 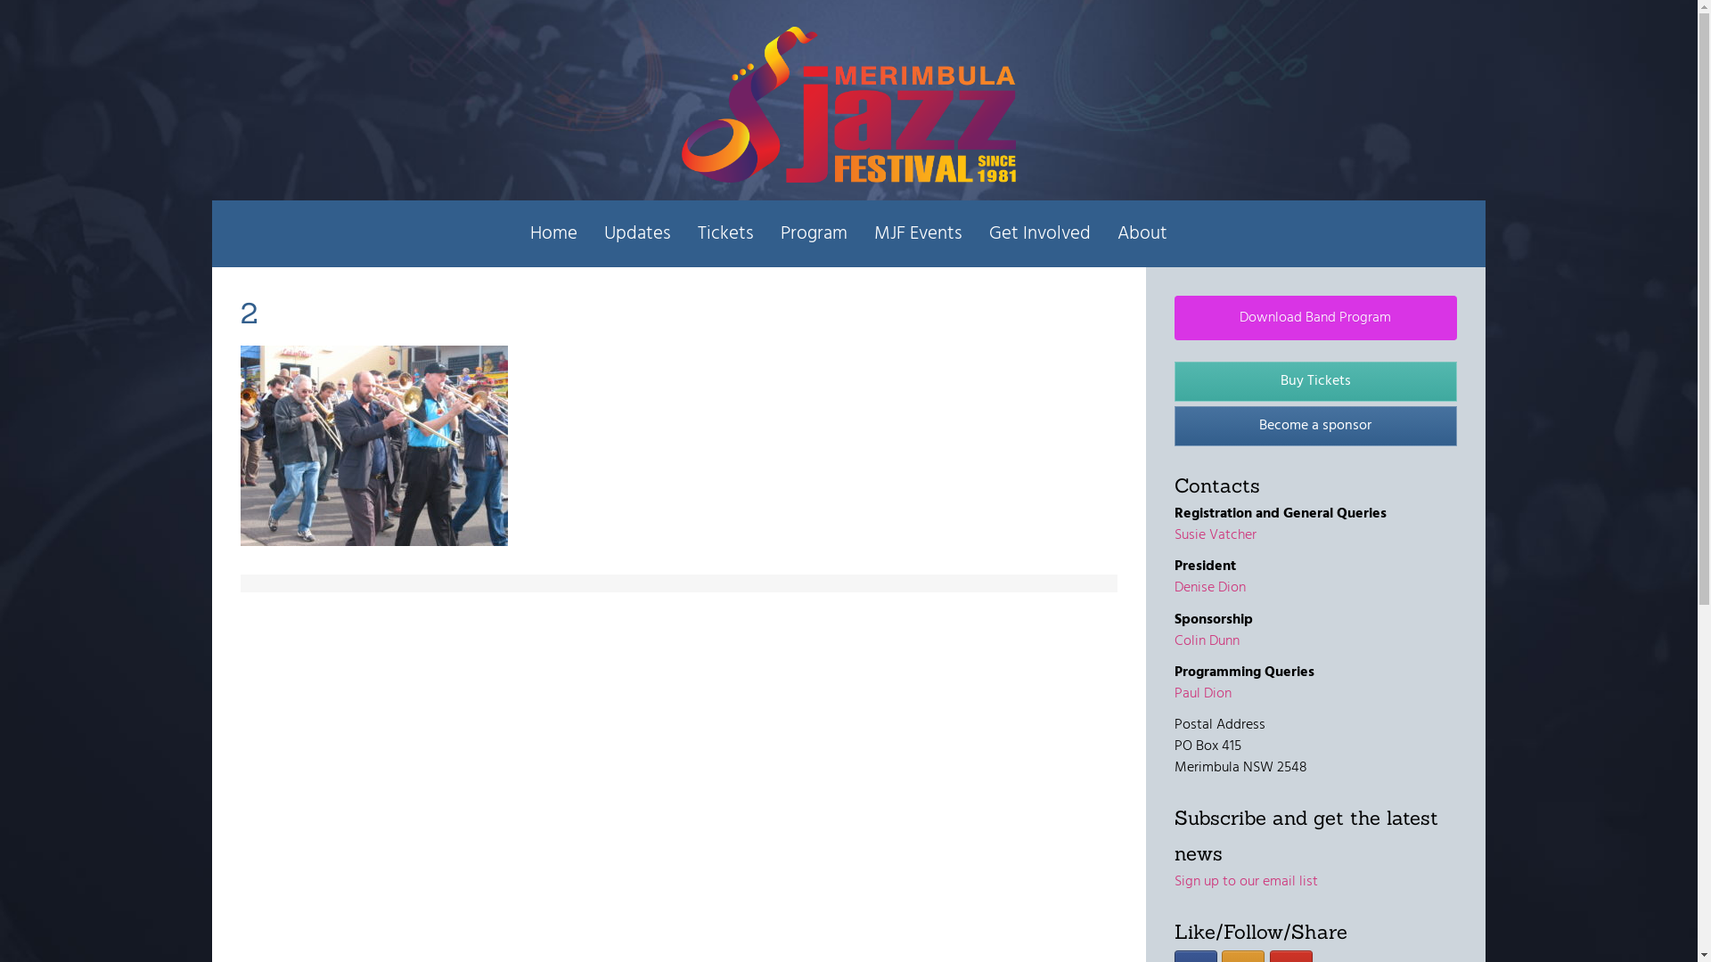 I want to click on 'About', so click(x=1102, y=232).